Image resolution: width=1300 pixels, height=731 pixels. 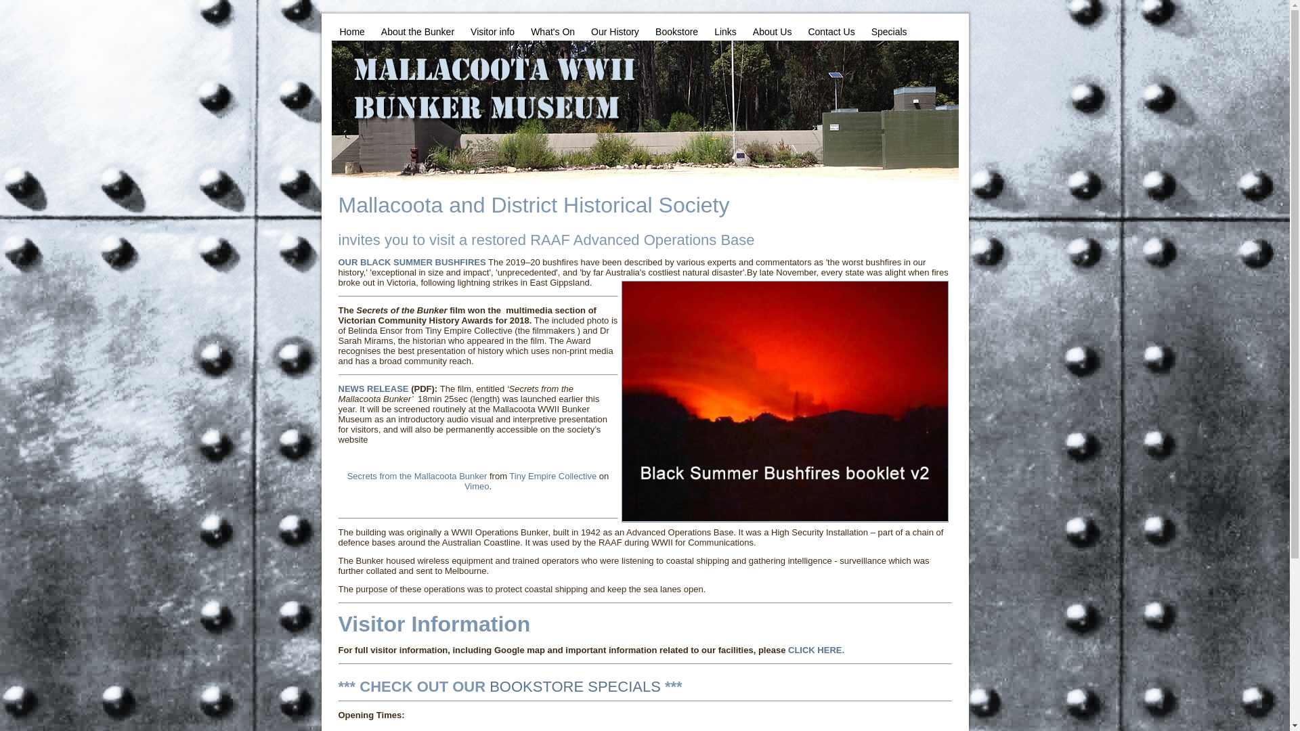 What do you see at coordinates (416, 475) in the screenshot?
I see `'Secrets from the Mallacoota Bunker'` at bounding box center [416, 475].